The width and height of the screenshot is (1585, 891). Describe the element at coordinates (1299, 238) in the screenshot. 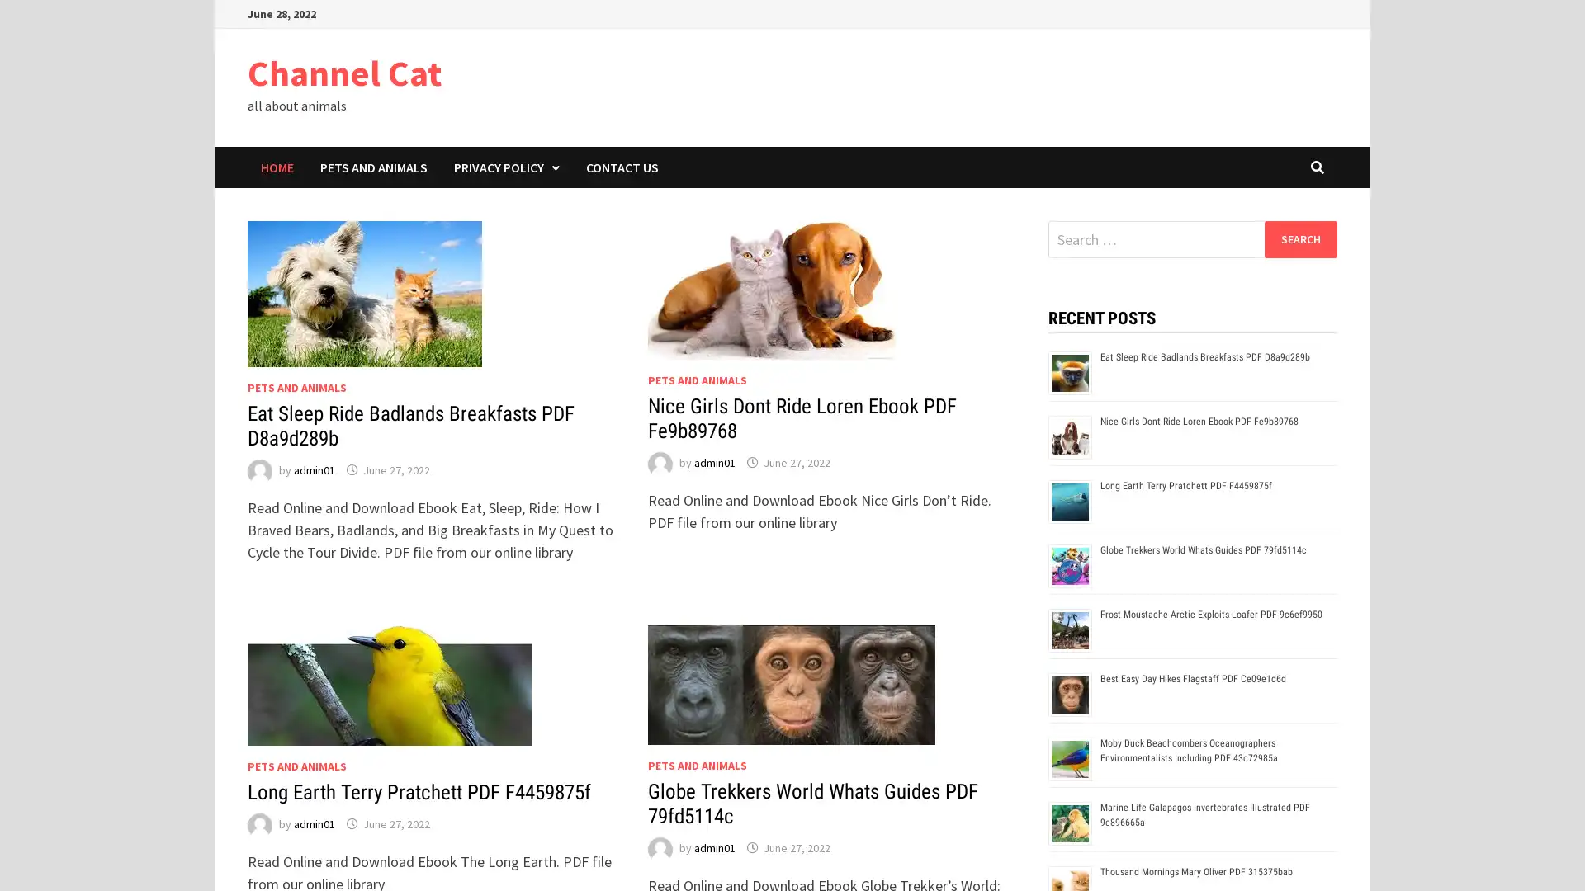

I see `Search` at that location.